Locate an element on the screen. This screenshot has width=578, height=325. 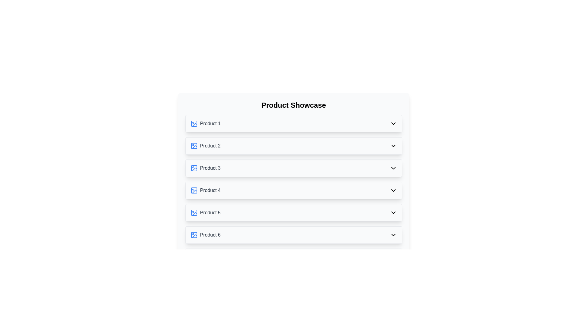
the image icon next to the product titled Product 3 is located at coordinates (194, 168).